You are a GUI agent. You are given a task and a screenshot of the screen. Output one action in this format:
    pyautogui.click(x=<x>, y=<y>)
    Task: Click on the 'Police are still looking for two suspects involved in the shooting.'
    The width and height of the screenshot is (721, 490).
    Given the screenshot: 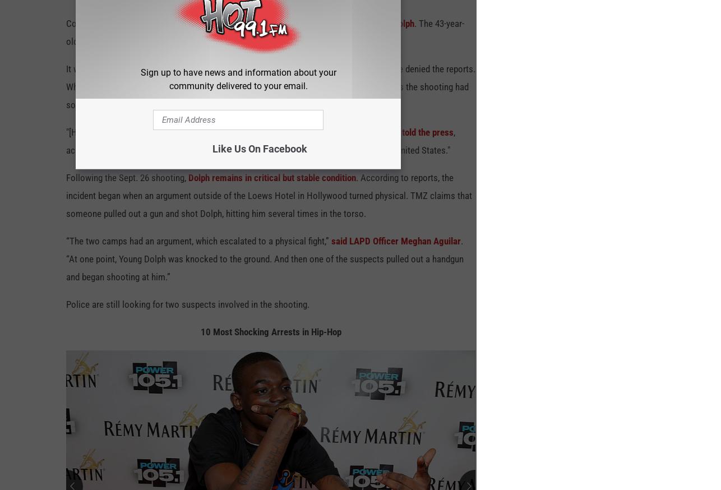 What is the action you would take?
    pyautogui.click(x=66, y=309)
    